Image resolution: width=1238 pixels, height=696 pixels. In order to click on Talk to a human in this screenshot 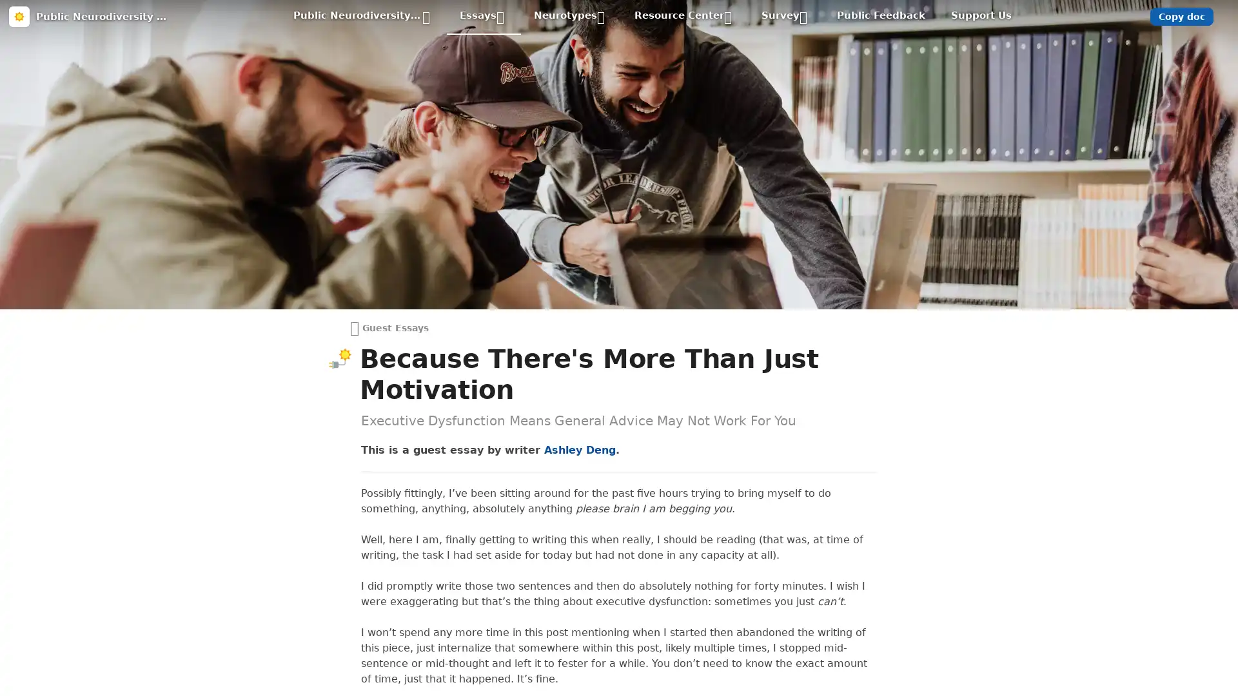, I will do `click(678, 160)`.